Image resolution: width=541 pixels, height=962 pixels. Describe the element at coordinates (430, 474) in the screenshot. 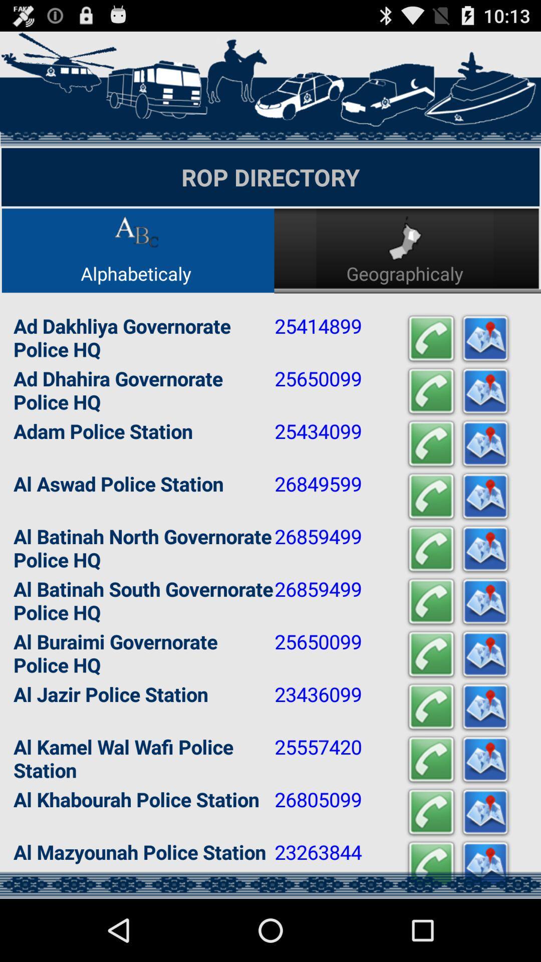

I see `the call icon` at that location.